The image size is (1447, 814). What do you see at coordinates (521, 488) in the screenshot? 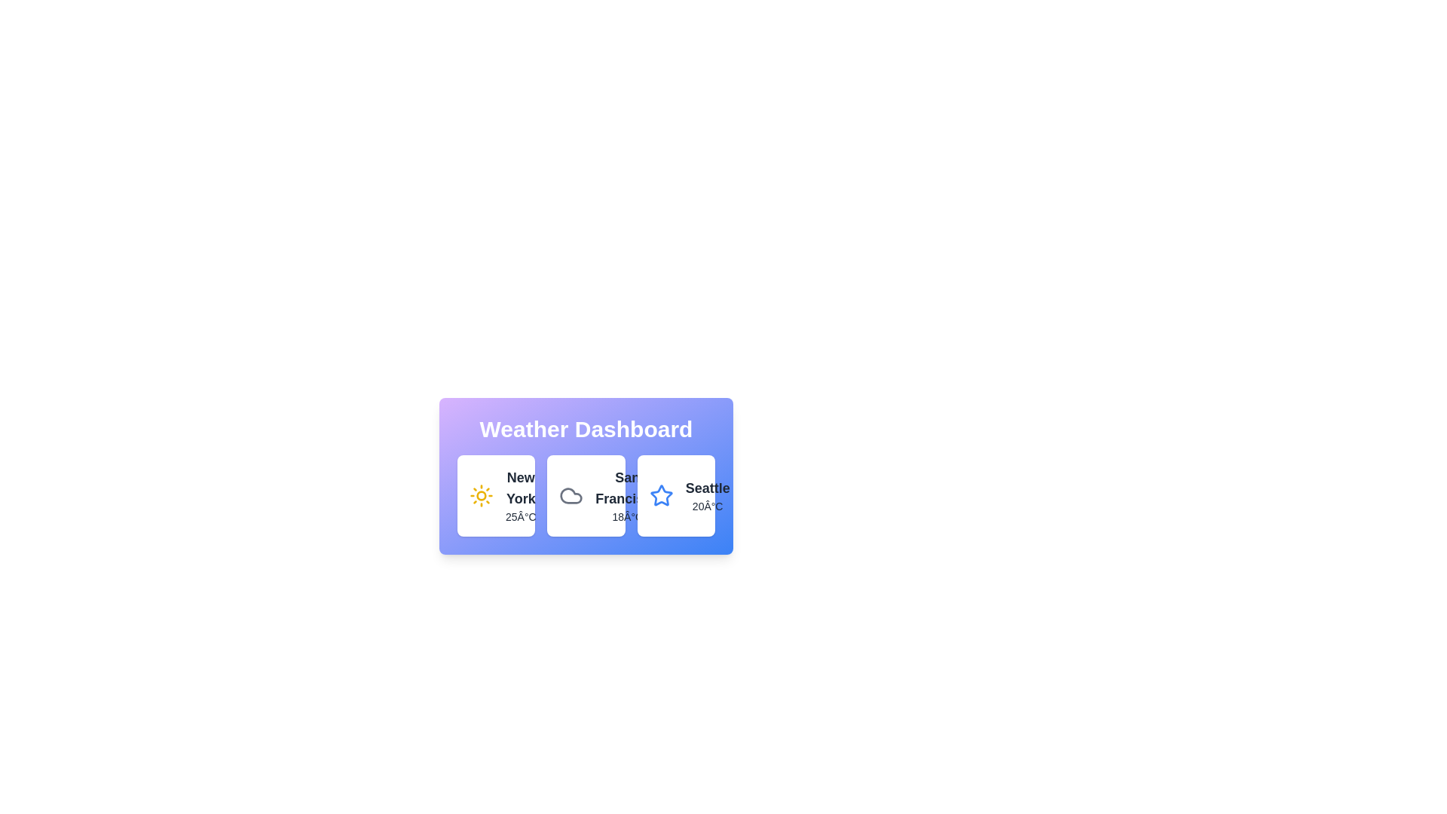
I see `the text label displaying the name 'New York'` at bounding box center [521, 488].